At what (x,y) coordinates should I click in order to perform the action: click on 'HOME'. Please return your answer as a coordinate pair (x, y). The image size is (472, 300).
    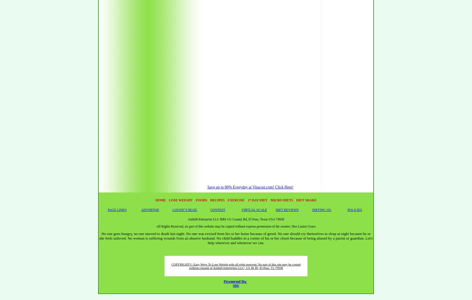
    Looking at the image, I should click on (160, 200).